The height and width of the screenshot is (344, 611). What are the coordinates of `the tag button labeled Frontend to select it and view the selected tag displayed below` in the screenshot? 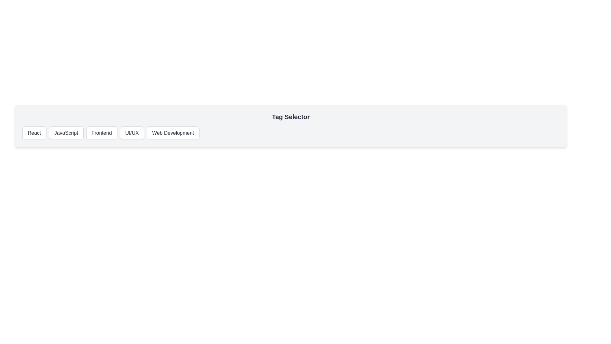 It's located at (101, 133).